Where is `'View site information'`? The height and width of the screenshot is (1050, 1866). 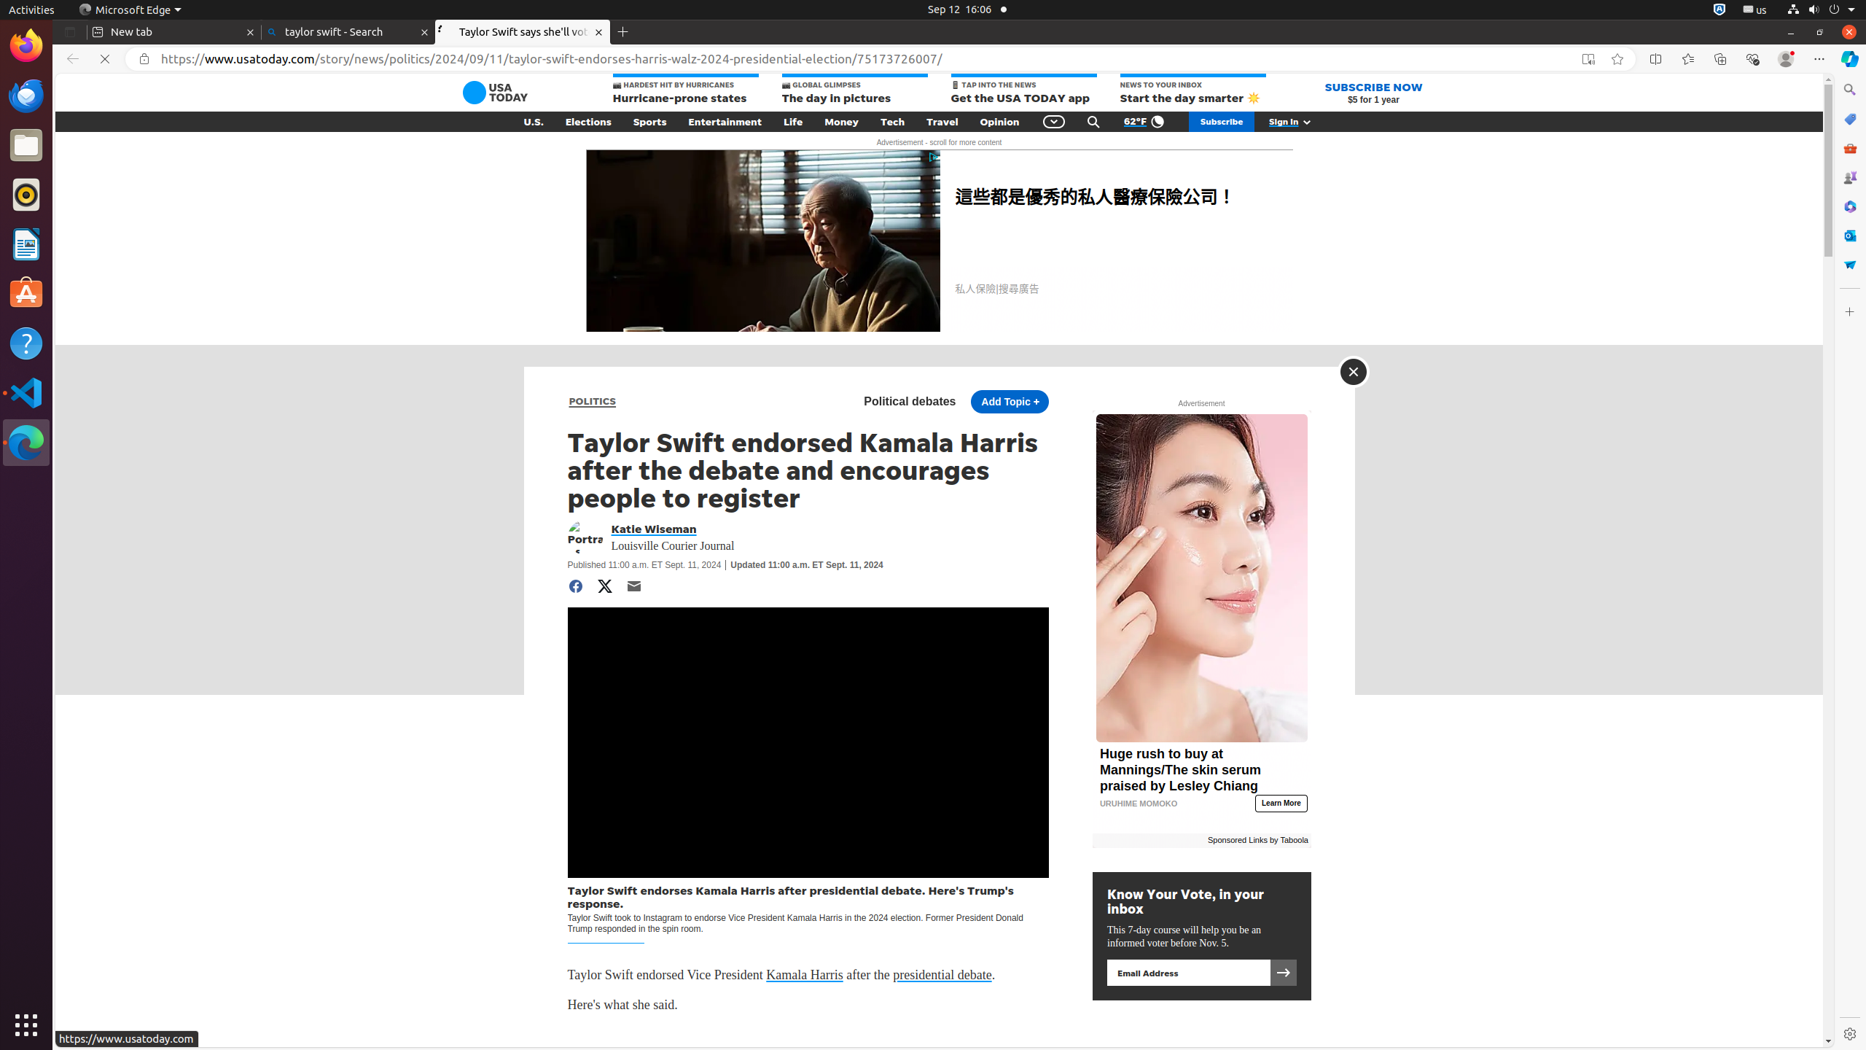 'View site information' is located at coordinates (143, 58).